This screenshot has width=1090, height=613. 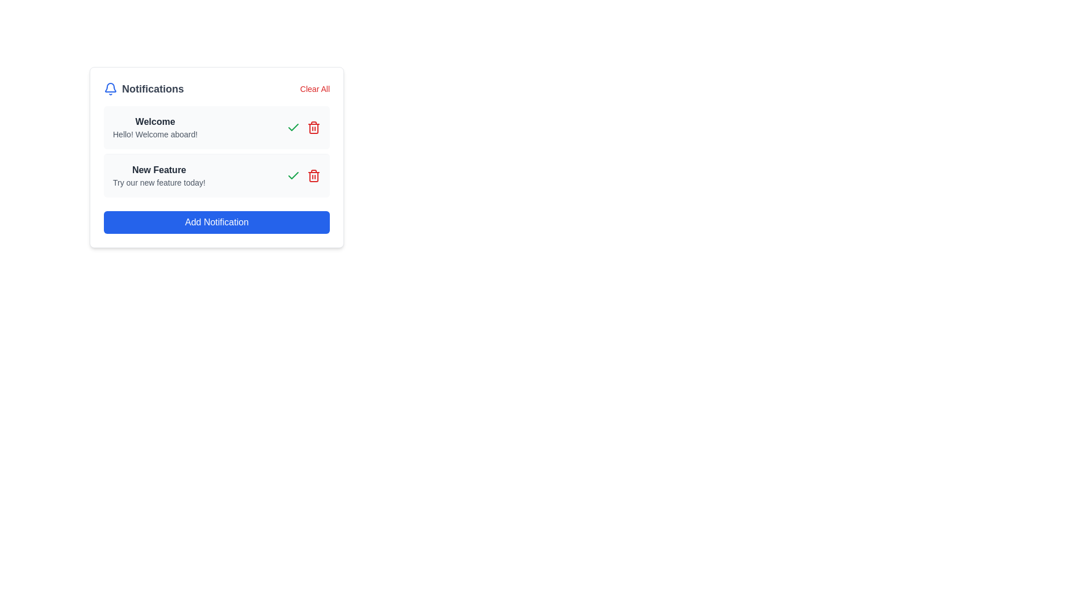 I want to click on the small green checkmark icon located within the 'Welcome' notification to mark it as read or confirmed, so click(x=294, y=175).